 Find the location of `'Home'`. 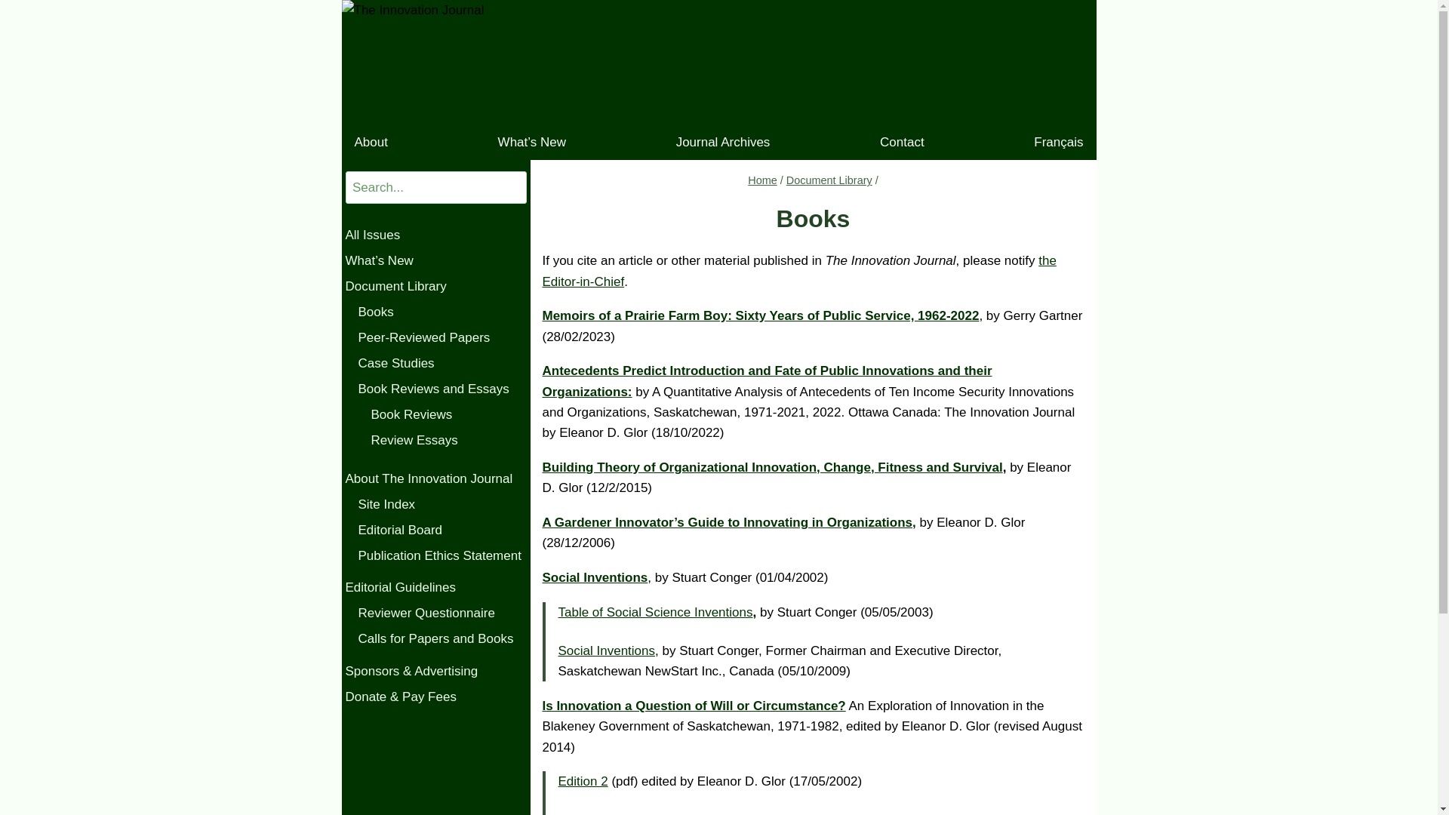

'Home' is located at coordinates (762, 180).